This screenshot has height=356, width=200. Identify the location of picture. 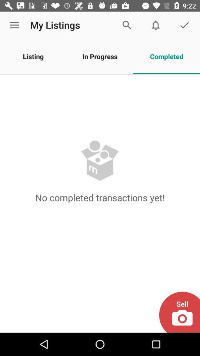
(179, 311).